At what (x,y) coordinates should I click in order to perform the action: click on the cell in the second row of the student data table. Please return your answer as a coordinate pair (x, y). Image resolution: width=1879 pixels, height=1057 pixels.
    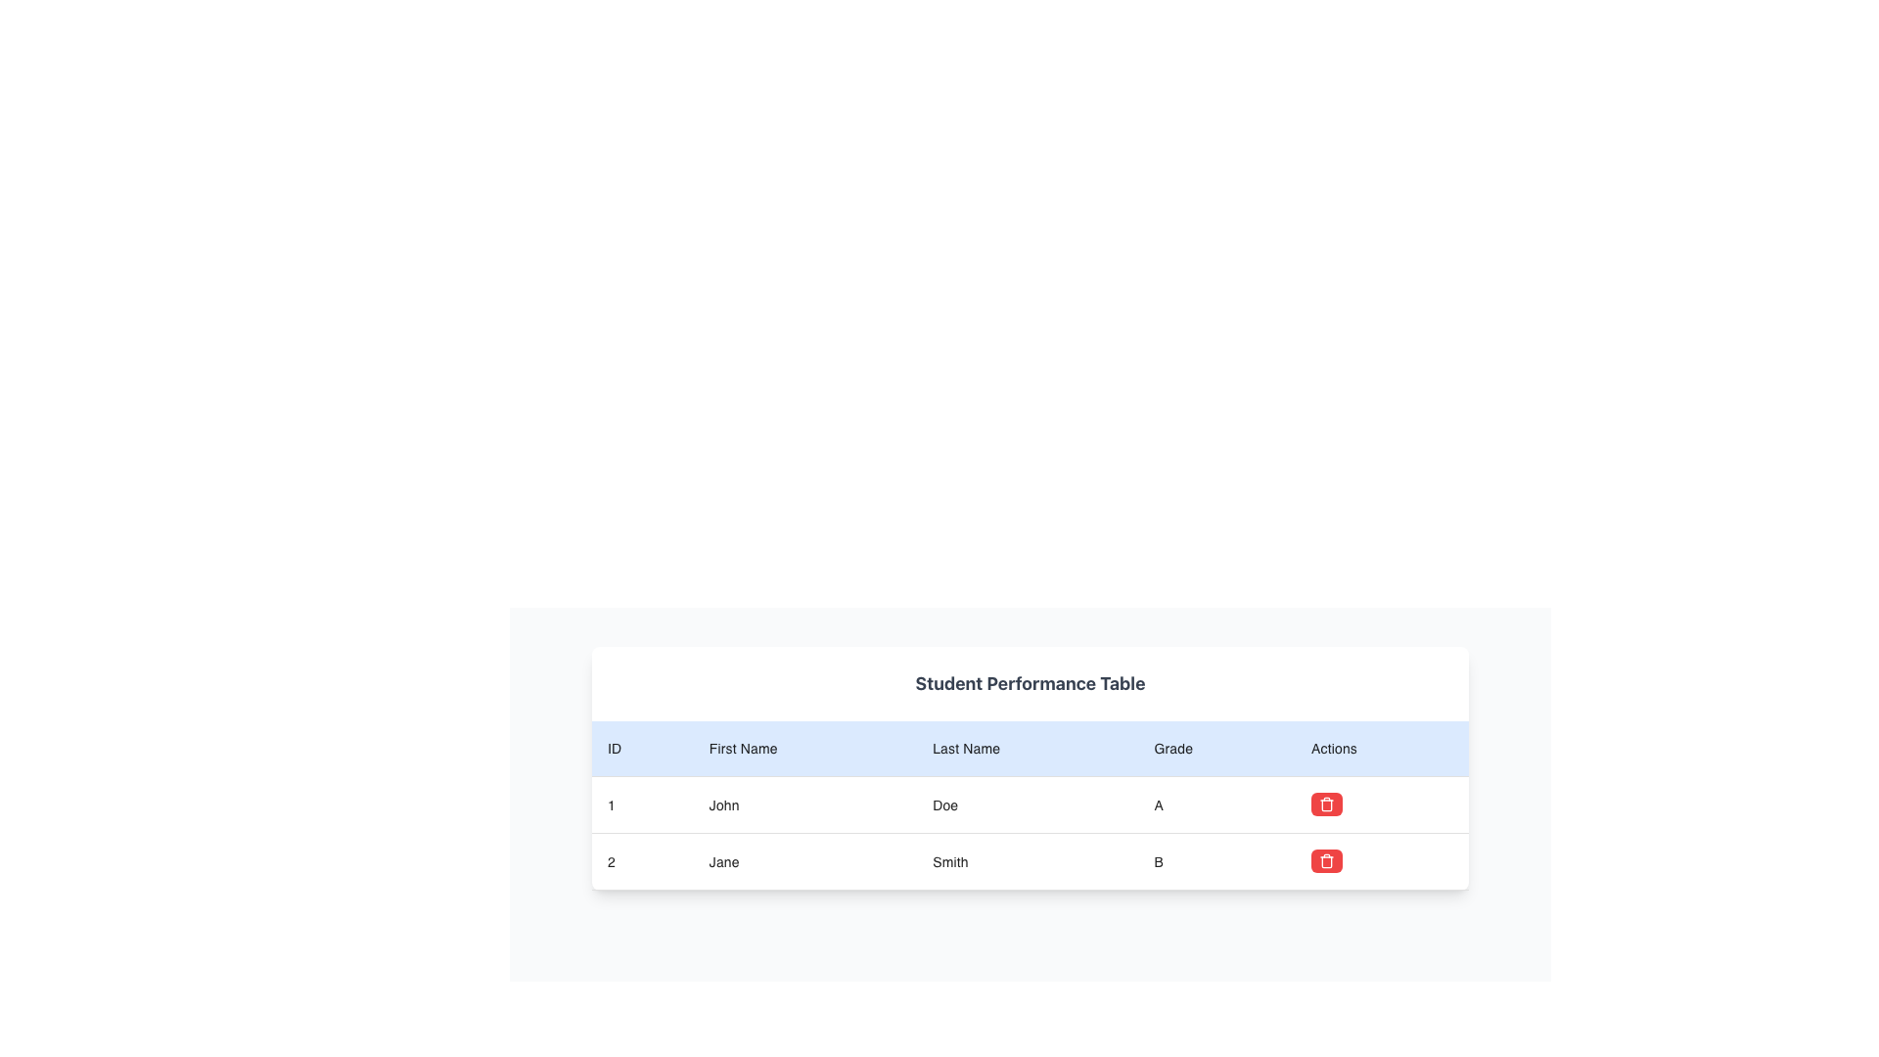
    Looking at the image, I should click on (1029, 859).